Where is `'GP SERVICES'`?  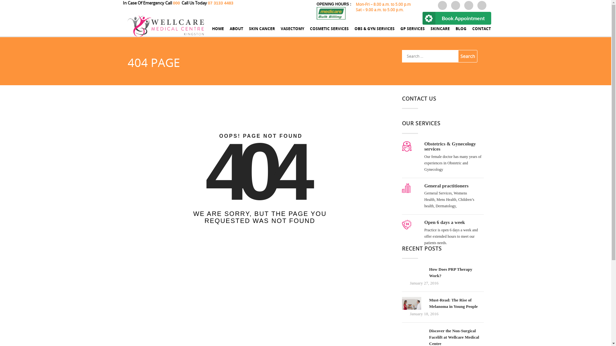
'GP SERVICES' is located at coordinates (413, 32).